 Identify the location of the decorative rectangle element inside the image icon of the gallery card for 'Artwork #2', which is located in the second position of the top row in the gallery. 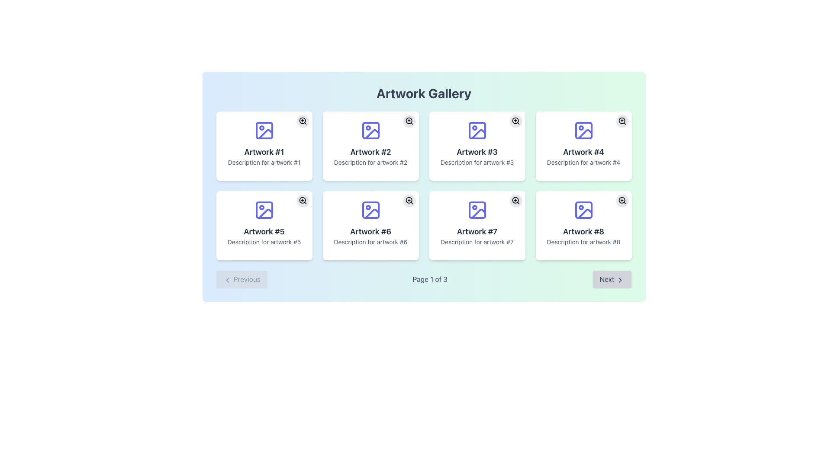
(370, 130).